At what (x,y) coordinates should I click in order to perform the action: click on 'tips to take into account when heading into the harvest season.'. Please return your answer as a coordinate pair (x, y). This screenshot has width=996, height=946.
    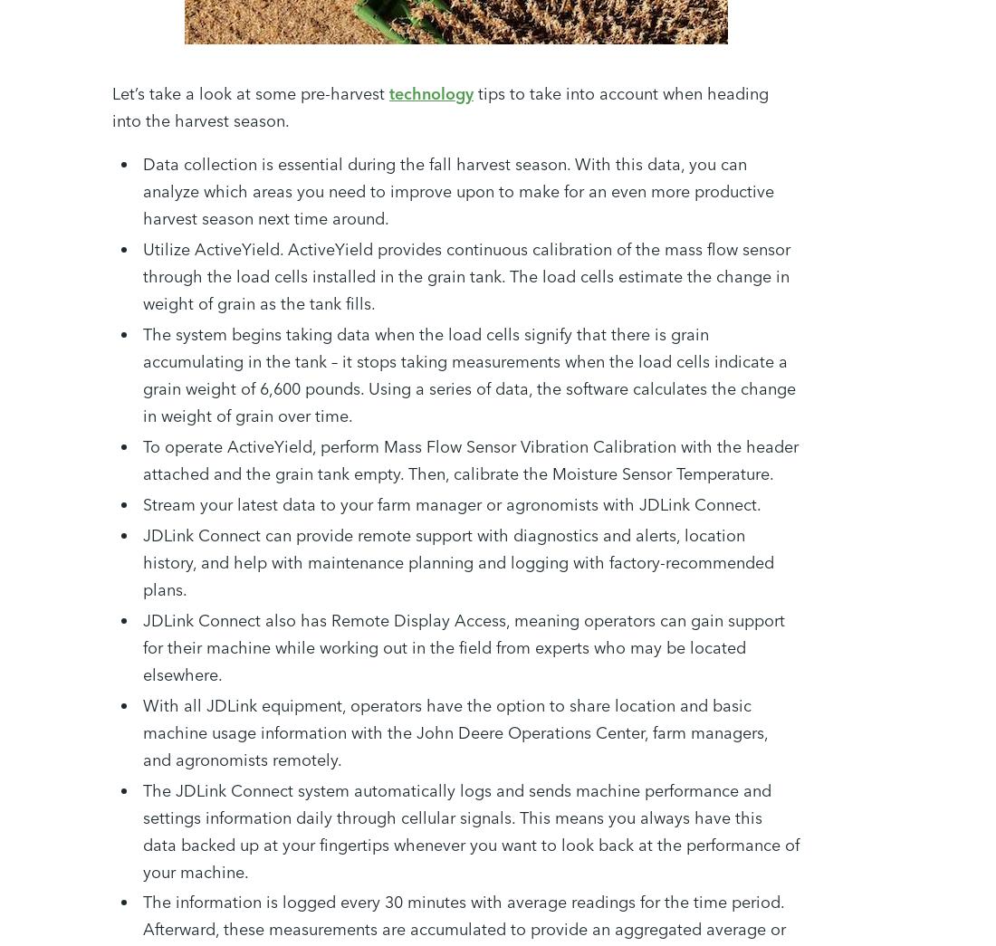
    Looking at the image, I should click on (440, 105).